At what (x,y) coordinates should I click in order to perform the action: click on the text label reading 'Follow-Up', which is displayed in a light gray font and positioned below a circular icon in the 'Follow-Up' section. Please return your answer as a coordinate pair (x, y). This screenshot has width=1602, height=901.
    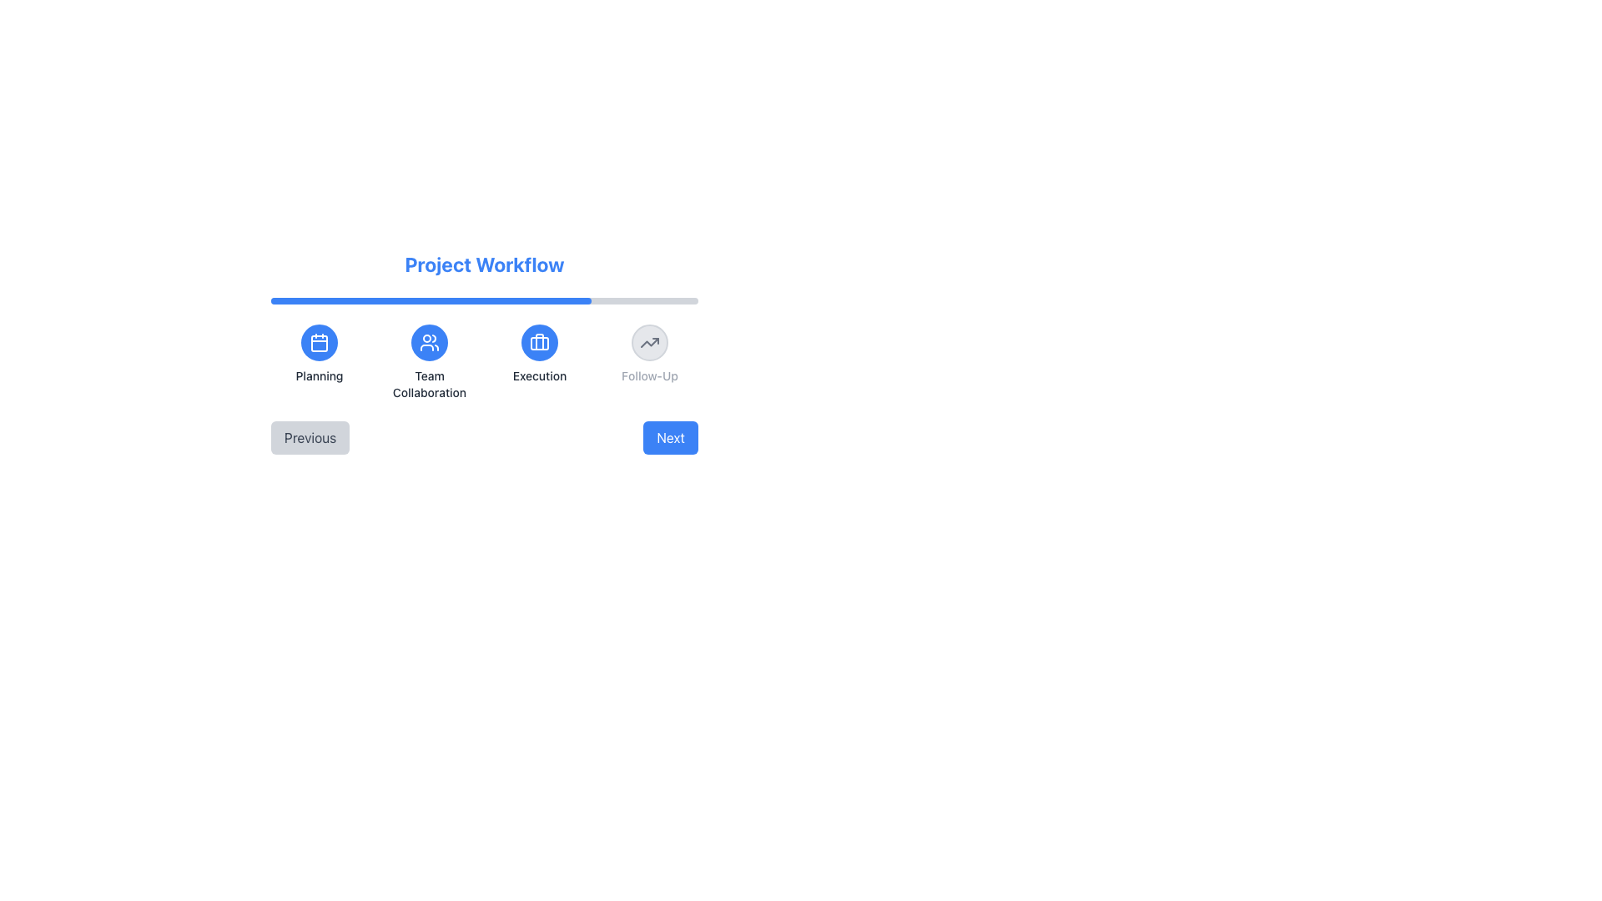
    Looking at the image, I should click on (648, 376).